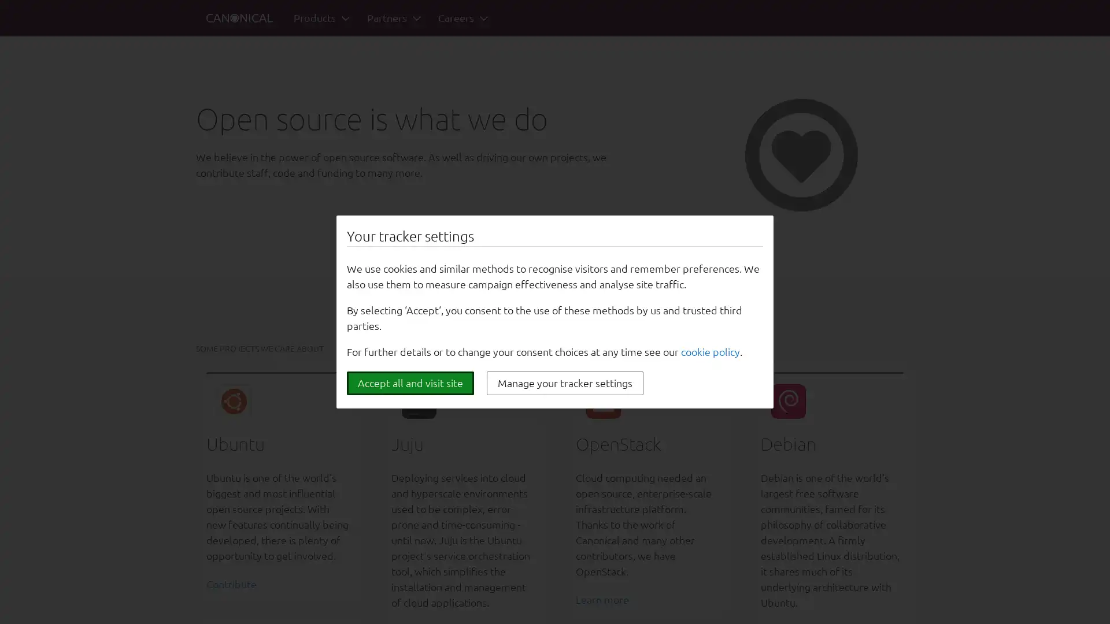 This screenshot has height=624, width=1110. Describe the element at coordinates (565, 383) in the screenshot. I see `Manage your tracker settings` at that location.